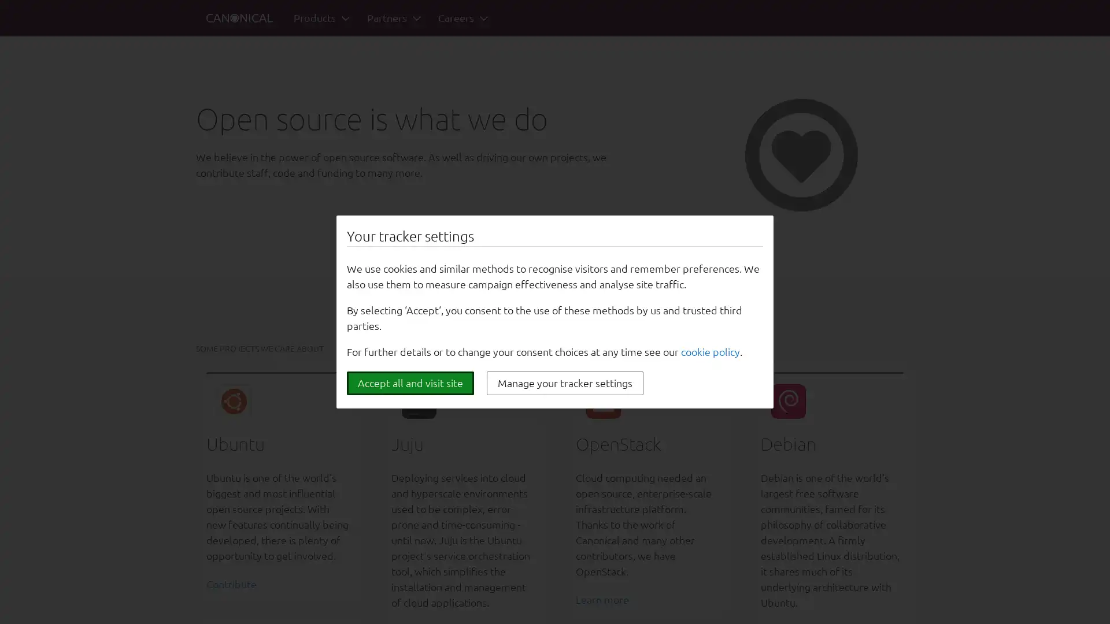 This screenshot has height=624, width=1110. Describe the element at coordinates (565, 383) in the screenshot. I see `Manage your tracker settings` at that location.